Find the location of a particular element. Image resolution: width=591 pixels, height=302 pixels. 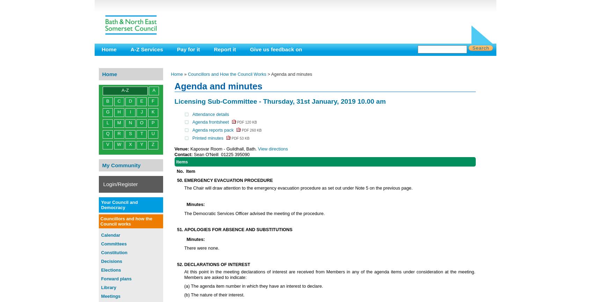

'>' is located at coordinates (268, 74).